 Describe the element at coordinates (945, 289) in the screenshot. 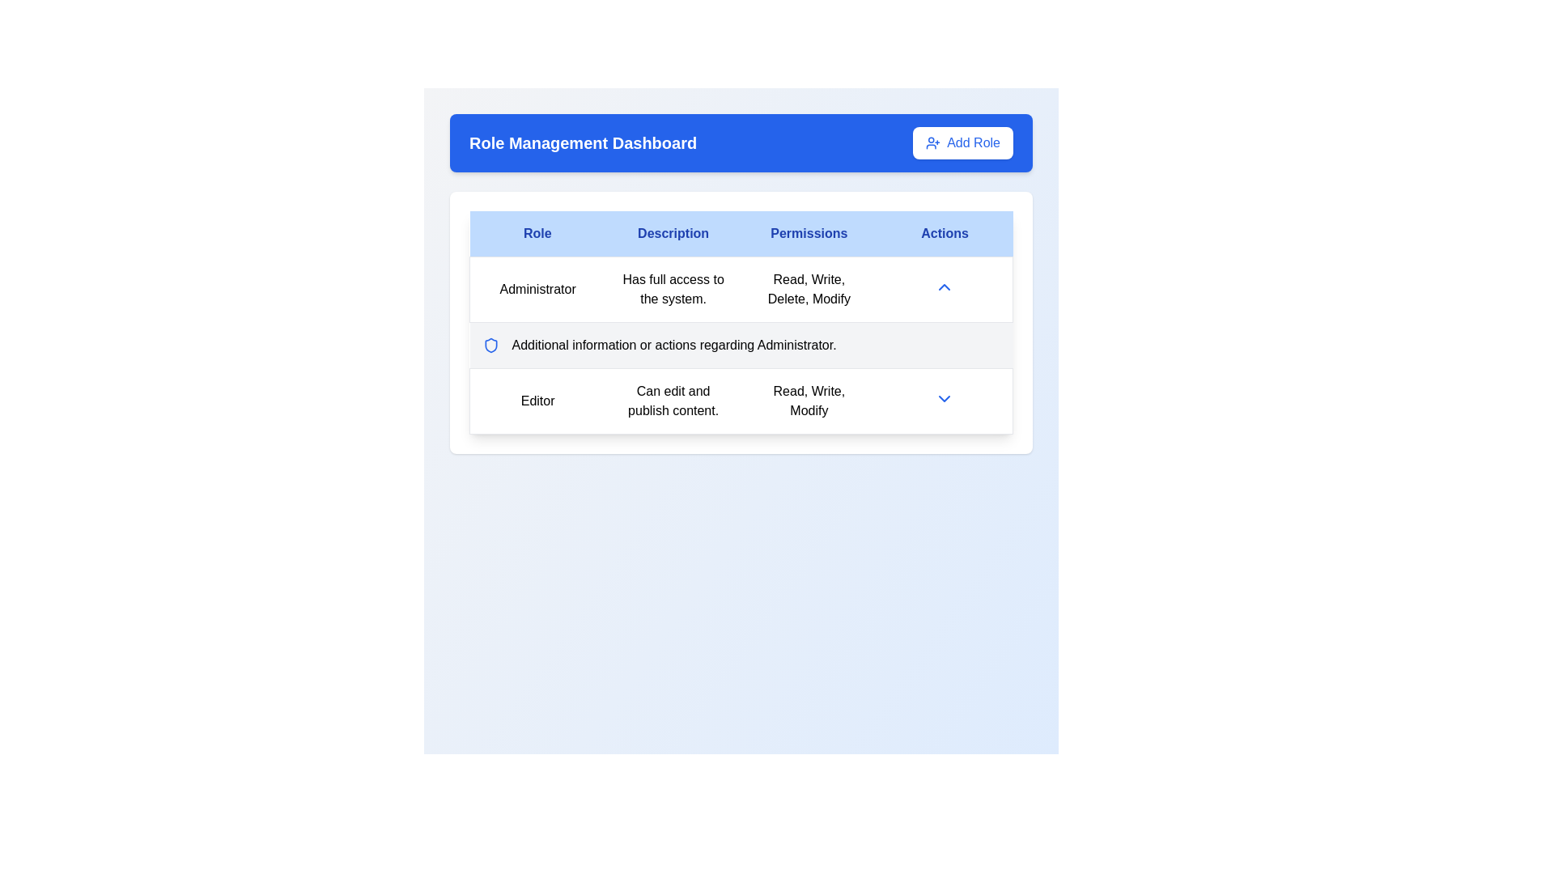

I see `the toggle indicator for the 'Administrator' role, located` at that location.